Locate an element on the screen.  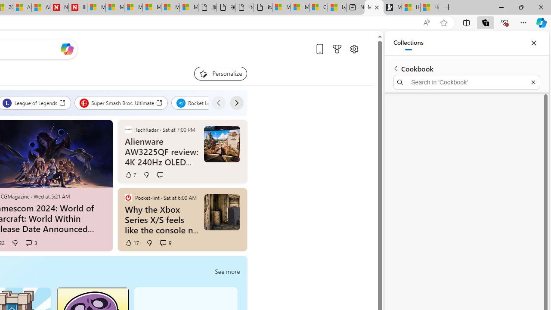
'View comments 3 Comment' is located at coordinates (31, 243).